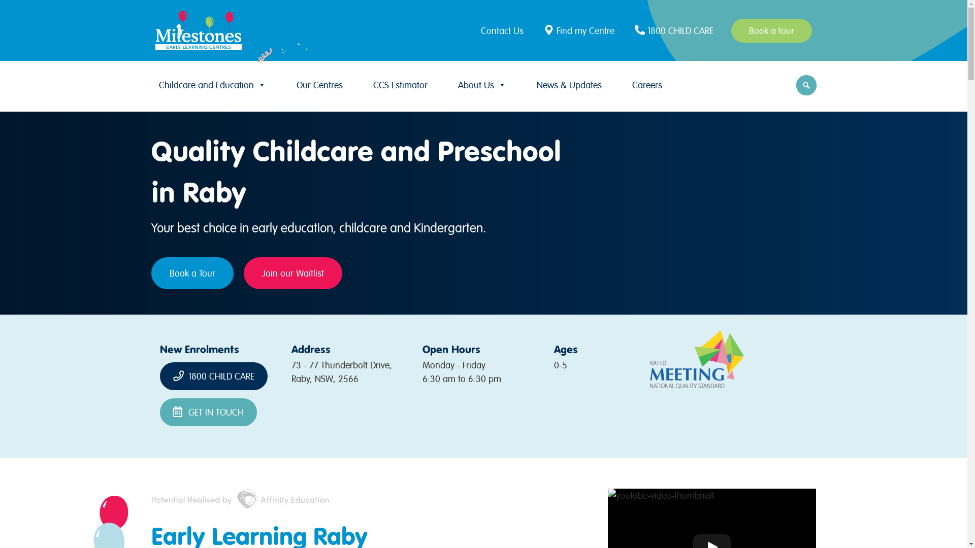  Describe the element at coordinates (504, 29) in the screenshot. I see `'Contact Us'` at that location.